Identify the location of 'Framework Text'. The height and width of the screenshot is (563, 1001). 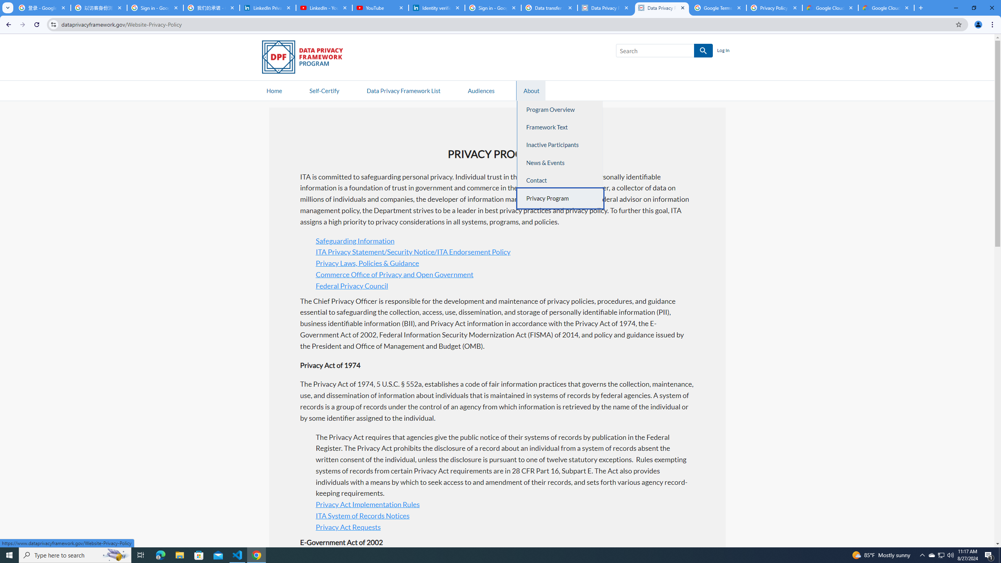
(560, 127).